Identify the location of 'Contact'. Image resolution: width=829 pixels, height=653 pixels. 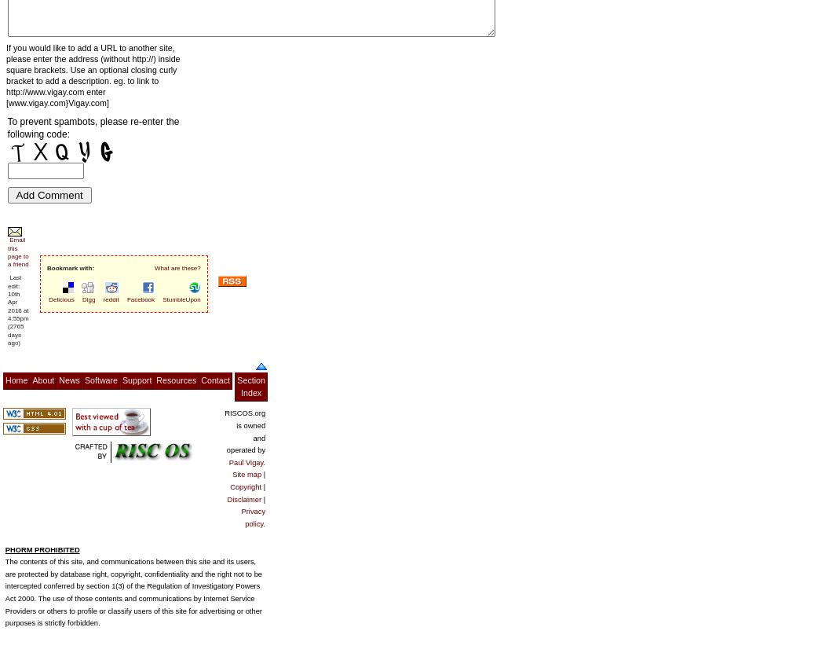
(215, 380).